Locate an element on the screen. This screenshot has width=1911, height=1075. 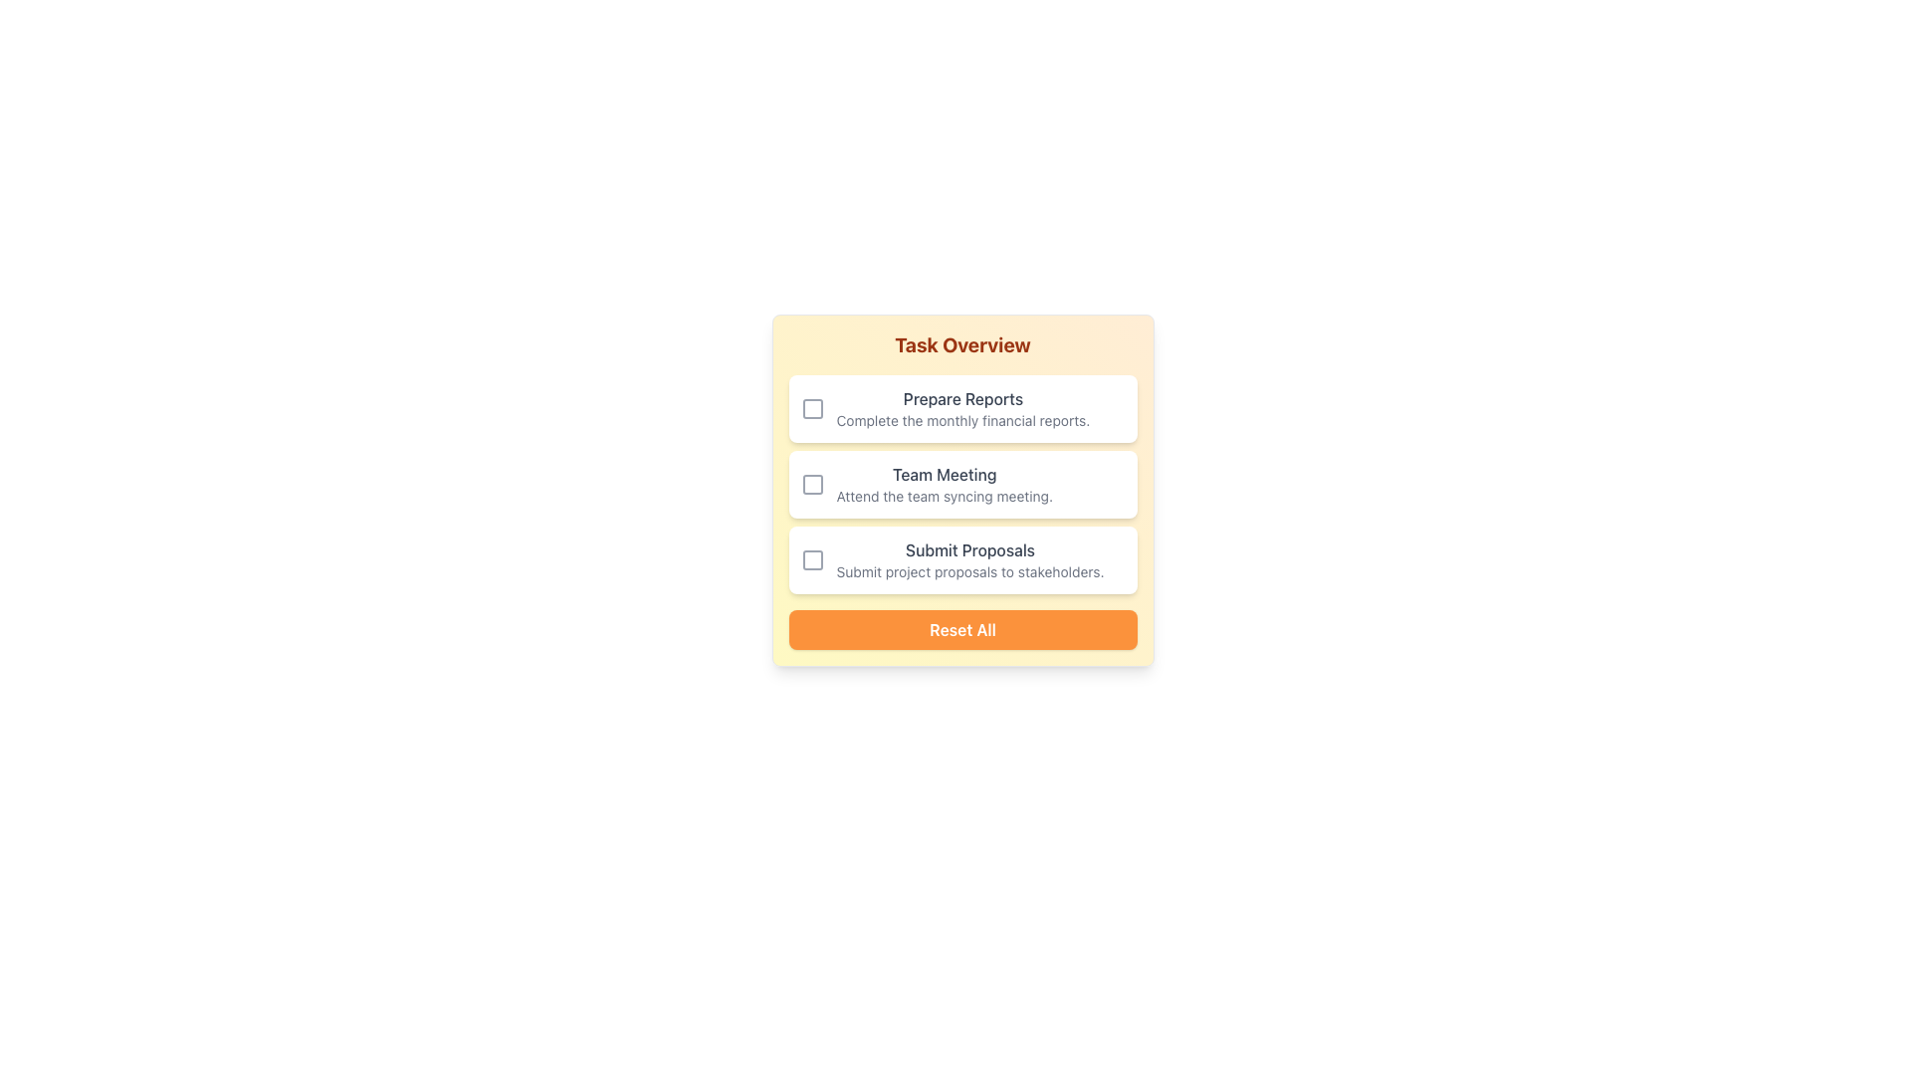
the checkbox for the task 'Prepare Reports' is located at coordinates (812, 408).